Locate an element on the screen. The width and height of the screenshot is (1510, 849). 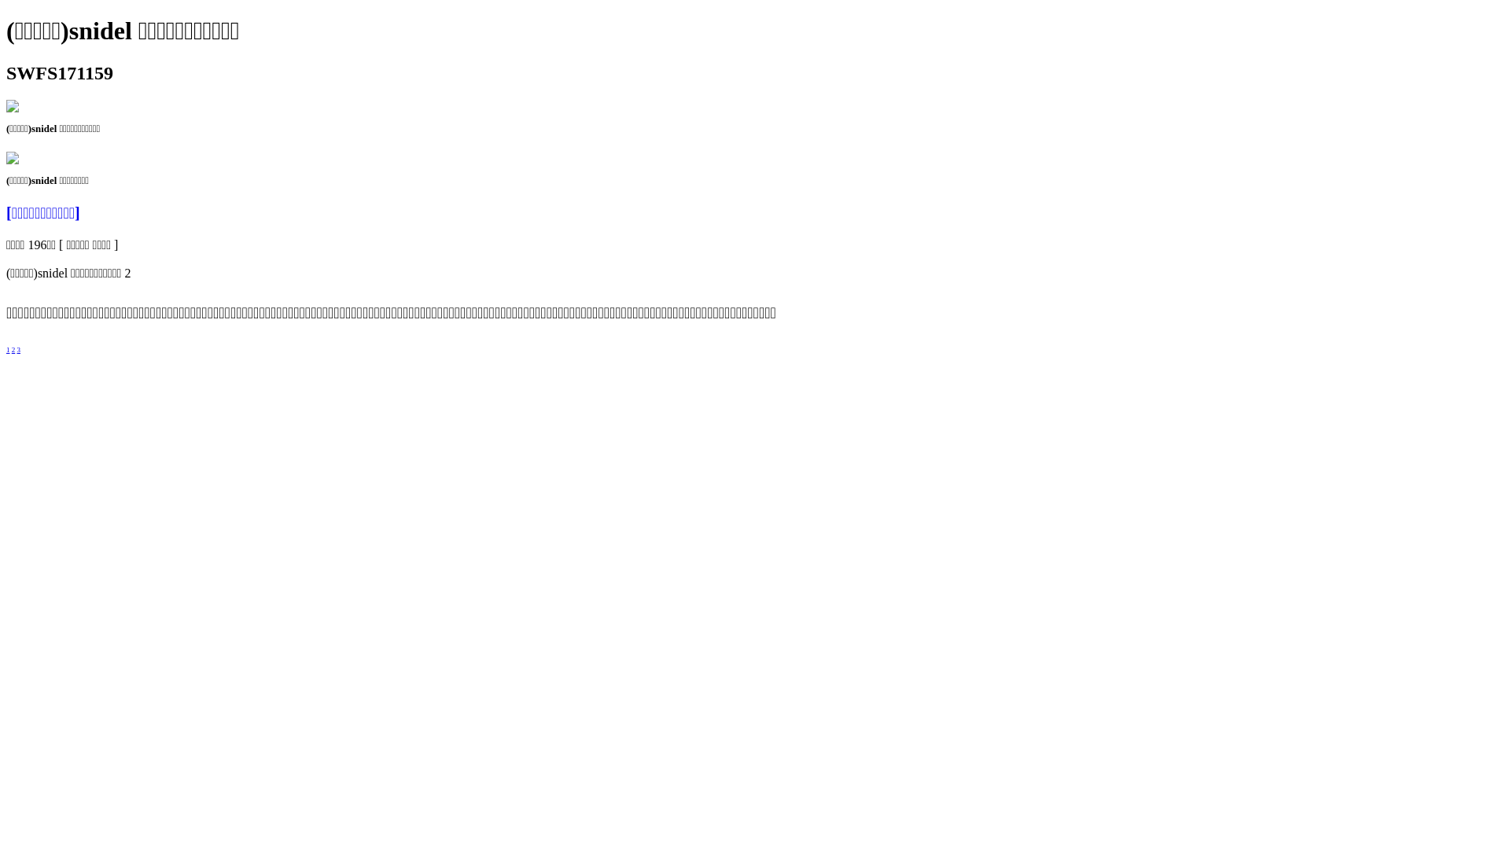
'3' is located at coordinates (19, 348).